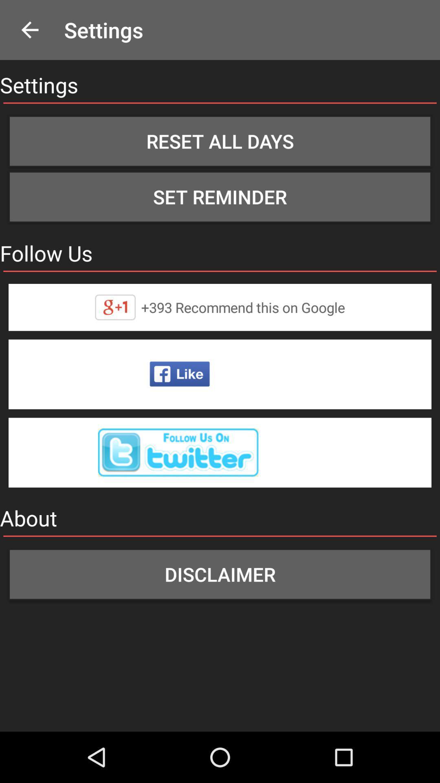  I want to click on the reset all days, so click(220, 141).